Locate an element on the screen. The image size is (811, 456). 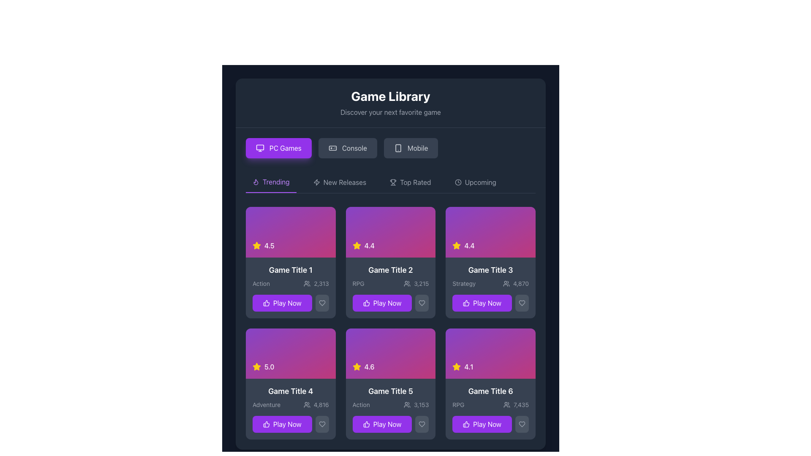
the 'Top Rated' games tab selector is located at coordinates (415, 182).